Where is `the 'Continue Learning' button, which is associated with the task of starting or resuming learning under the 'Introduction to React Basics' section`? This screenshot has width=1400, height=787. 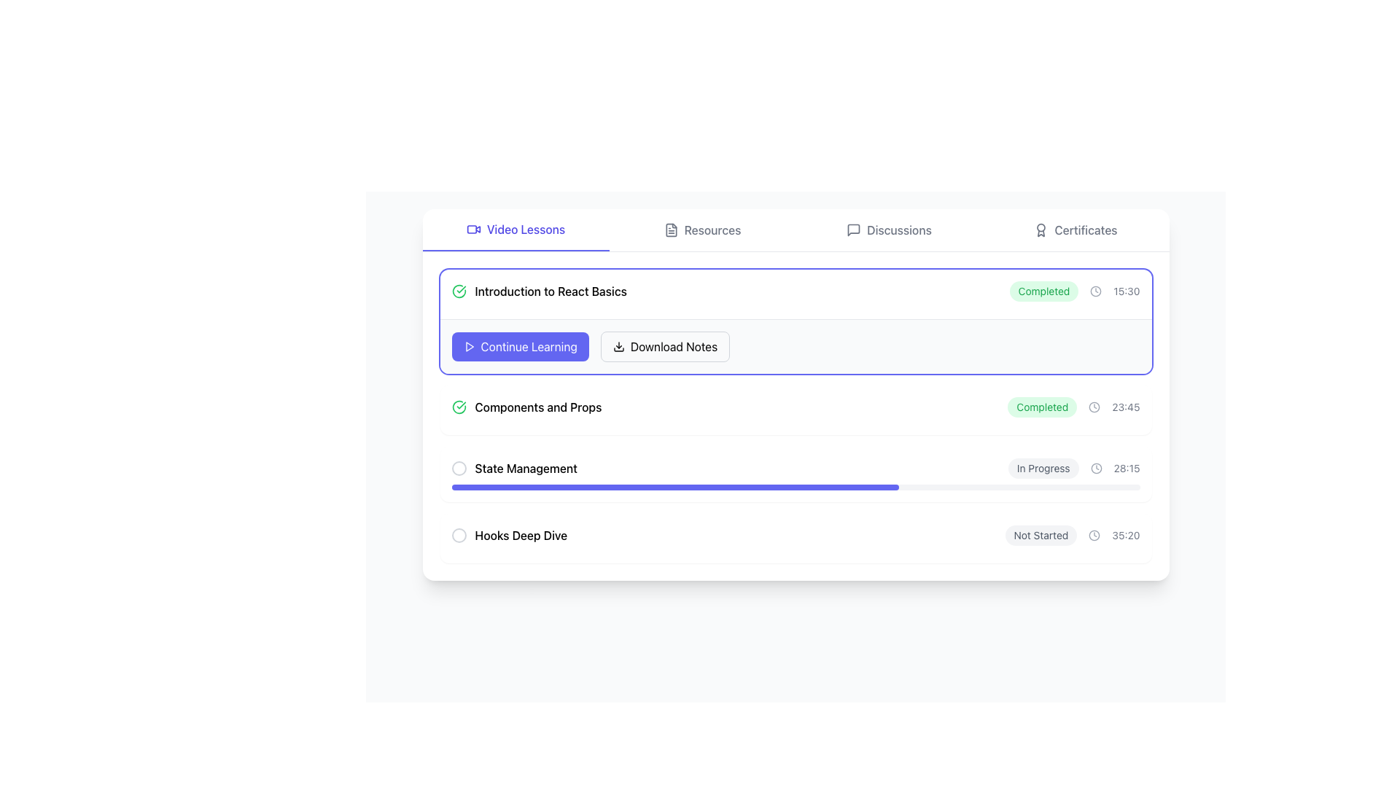
the 'Continue Learning' button, which is associated with the task of starting or resuming learning under the 'Introduction to React Basics' section is located at coordinates (469, 346).